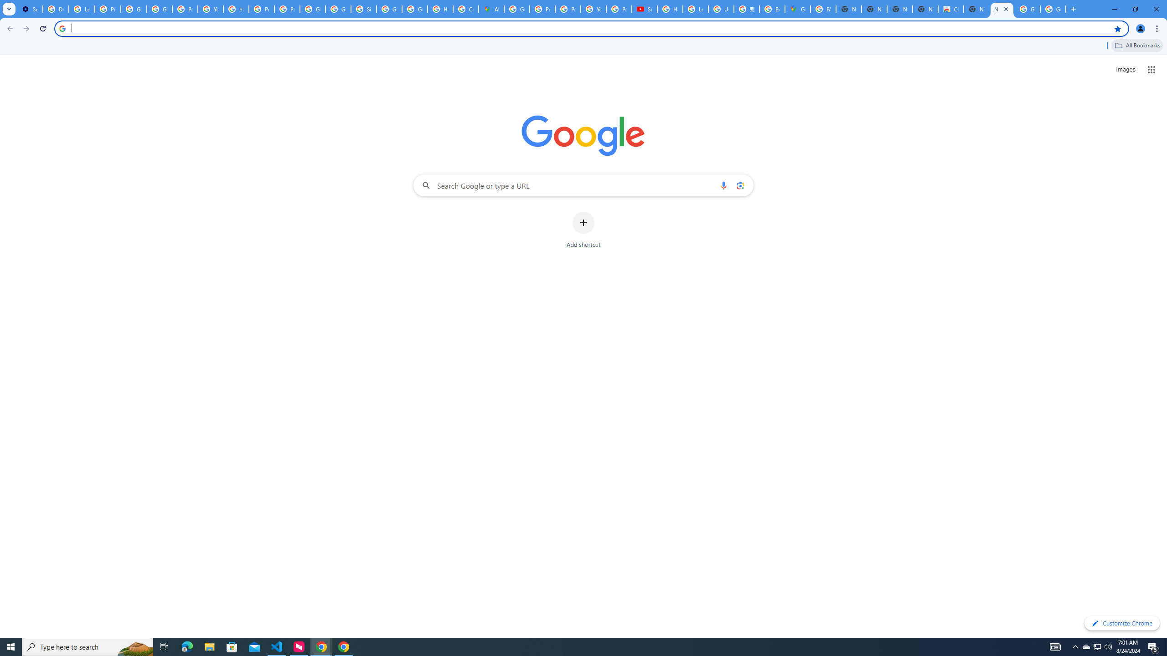  What do you see at coordinates (1028, 9) in the screenshot?
I see `'Google Images'` at bounding box center [1028, 9].